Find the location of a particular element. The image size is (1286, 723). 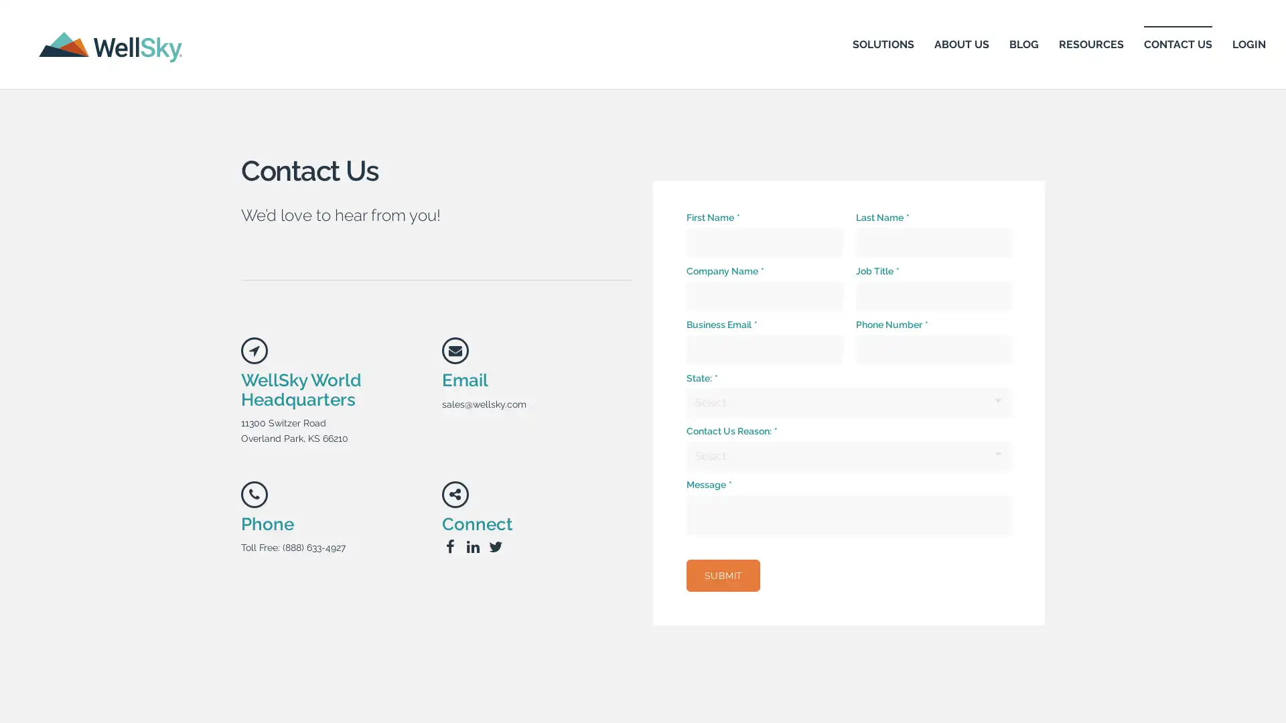

SUBMIT is located at coordinates (723, 574).